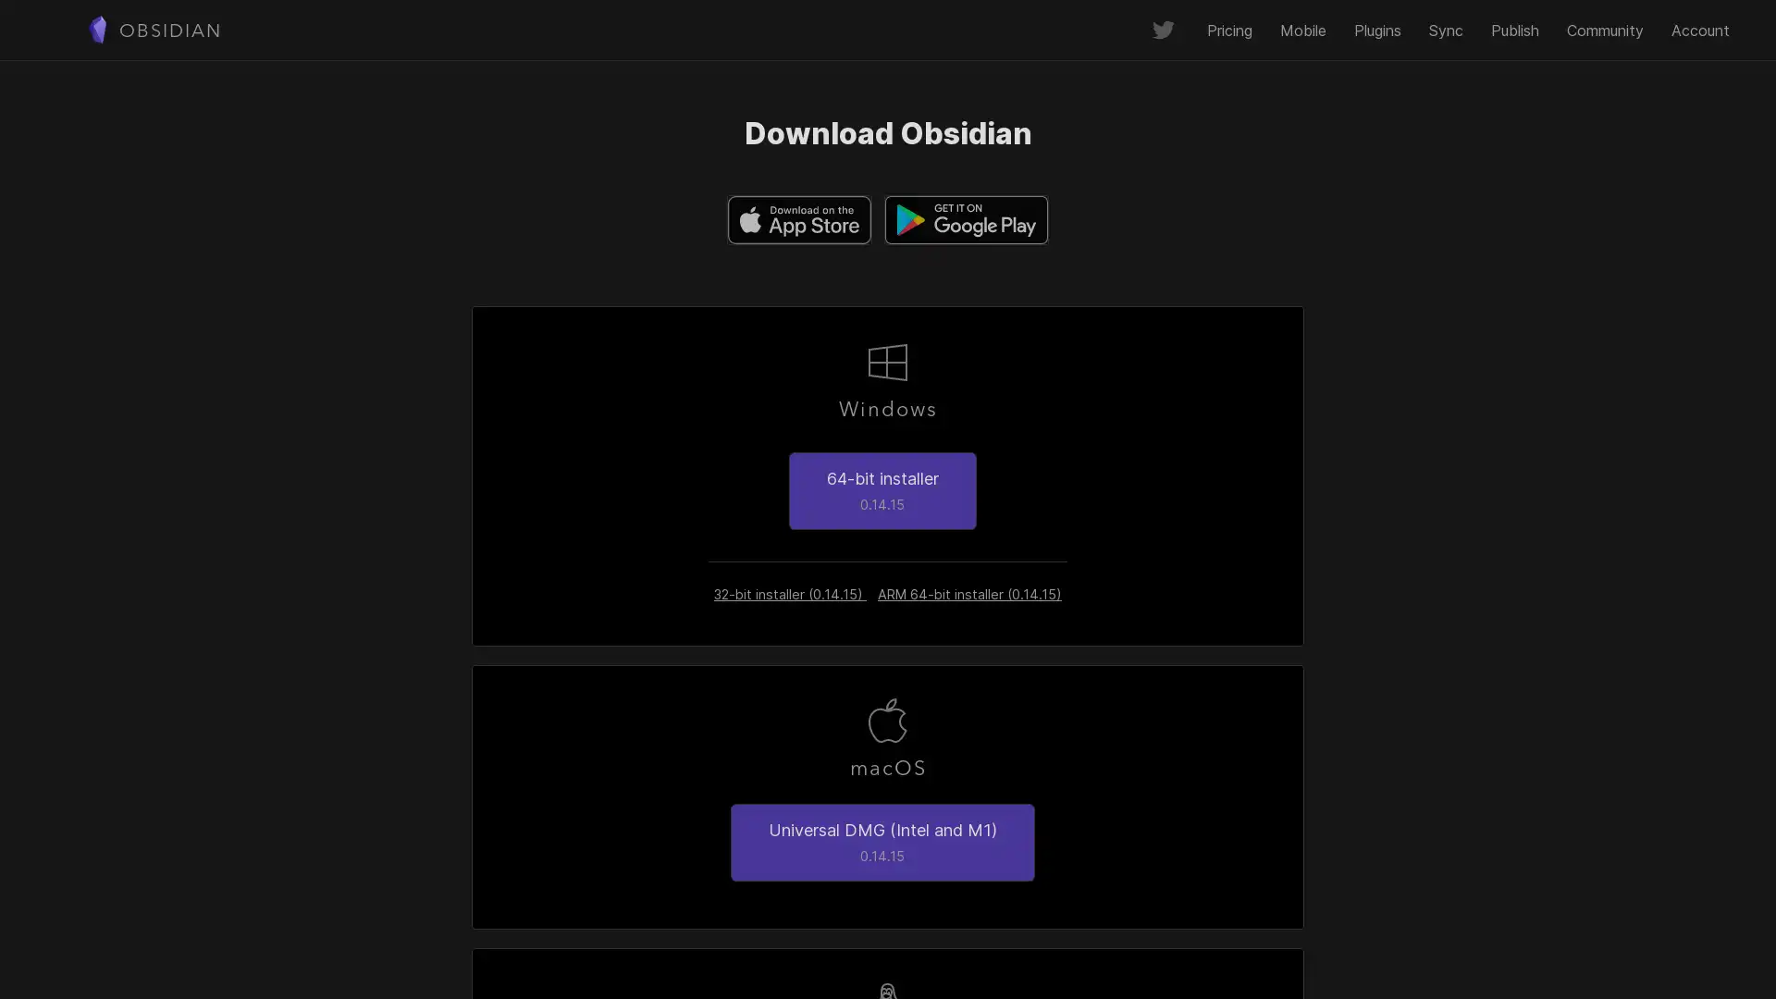 This screenshot has height=999, width=1776. What do you see at coordinates (881, 488) in the screenshot?
I see `64-bit installer 0.14.15` at bounding box center [881, 488].